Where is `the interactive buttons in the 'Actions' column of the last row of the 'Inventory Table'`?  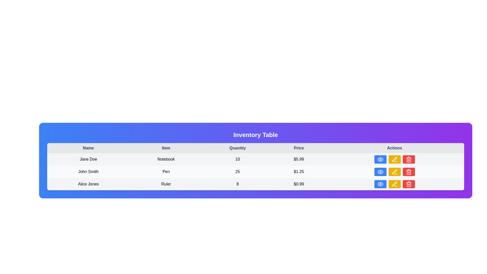 the interactive buttons in the 'Actions' column of the last row of the 'Inventory Table' is located at coordinates (394, 184).